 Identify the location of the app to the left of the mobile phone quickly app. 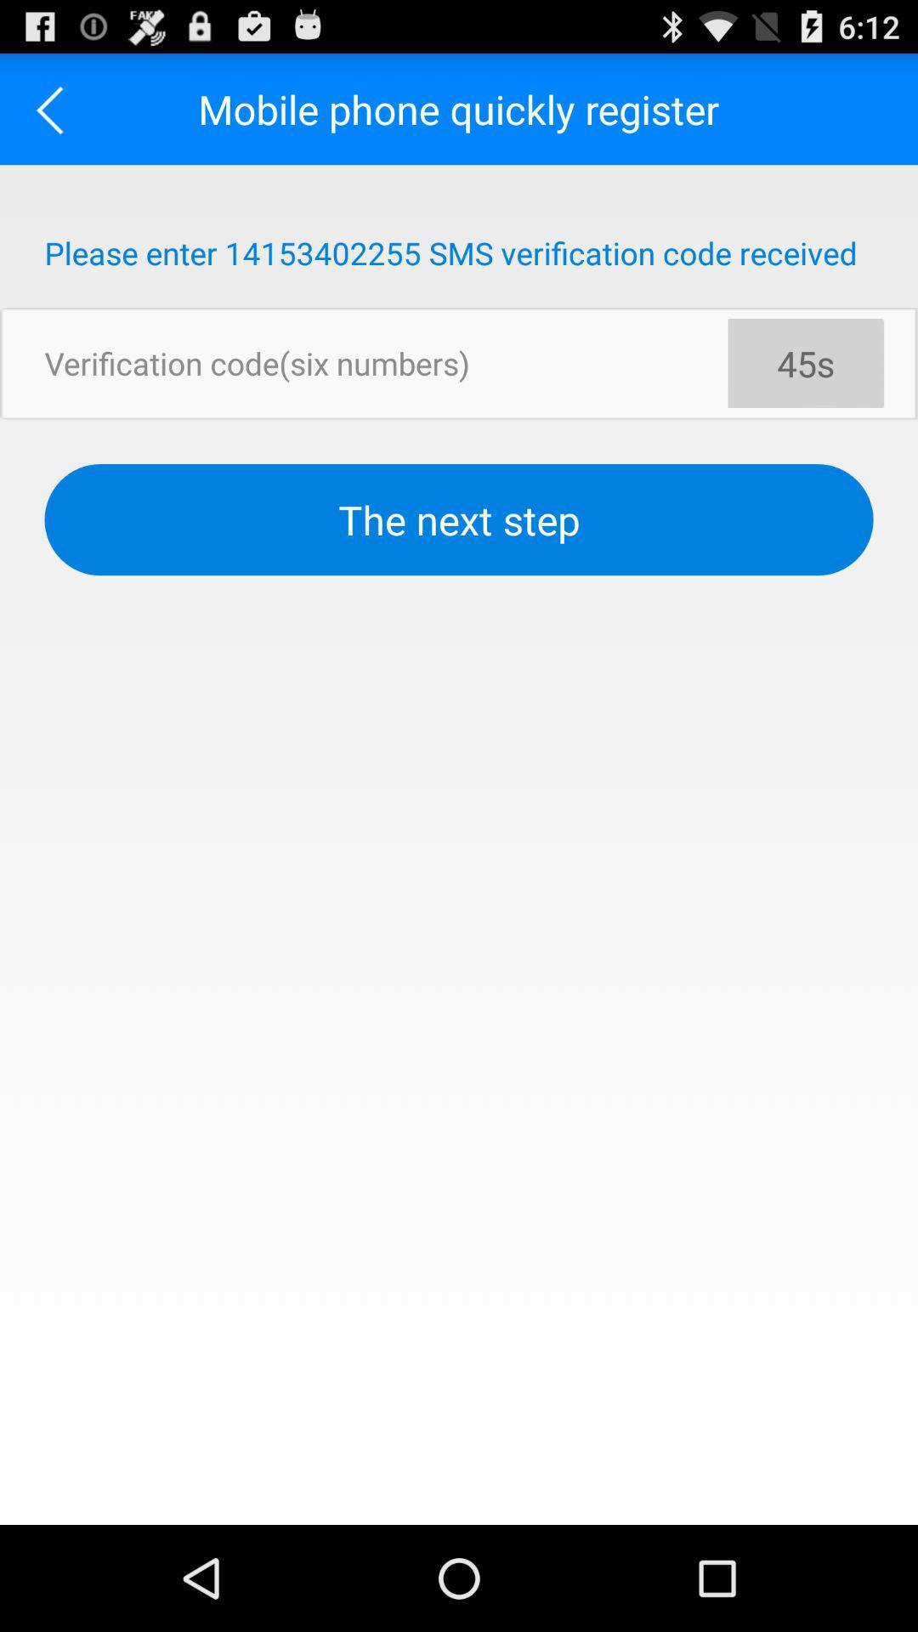
(54, 108).